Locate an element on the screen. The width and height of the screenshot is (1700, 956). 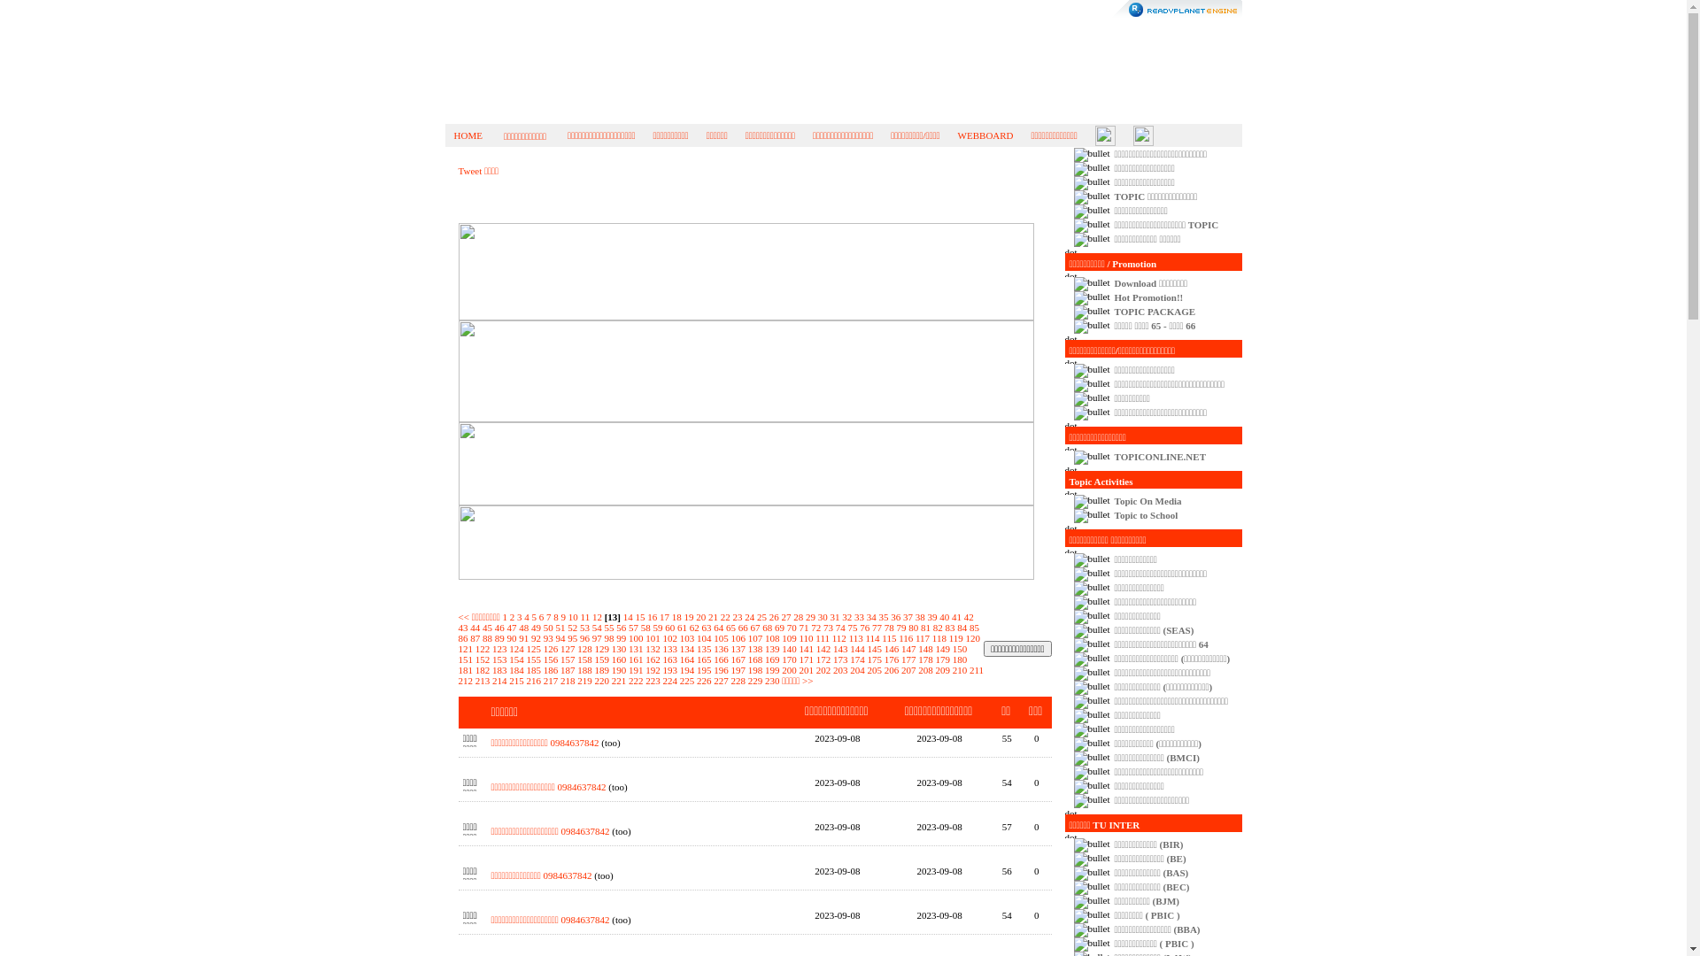
'139' is located at coordinates (772, 648).